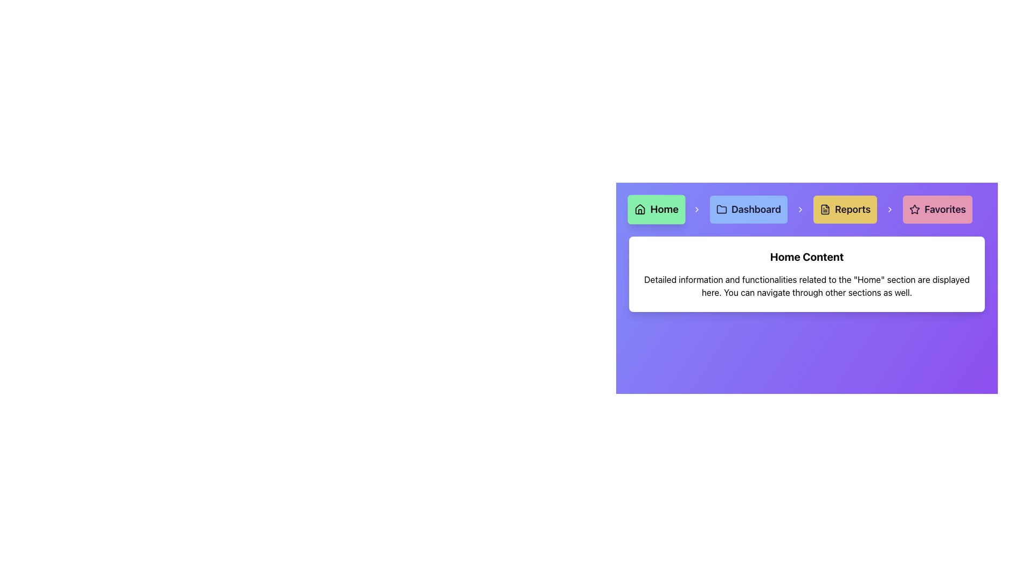 The height and width of the screenshot is (582, 1035). I want to click on the rightward-pointing chevron icon located between the 'Dashboard' and 'Reports' section labels for accessibility purposes, so click(800, 210).